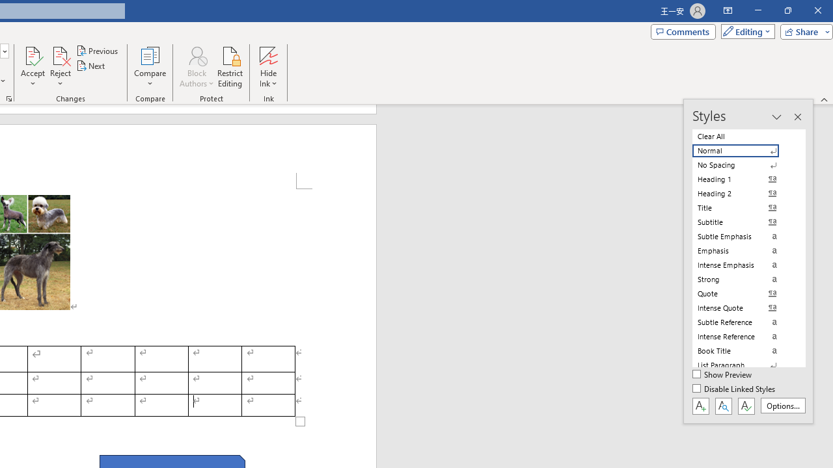 The width and height of the screenshot is (833, 468). I want to click on 'Disable Linked Styles', so click(735, 389).